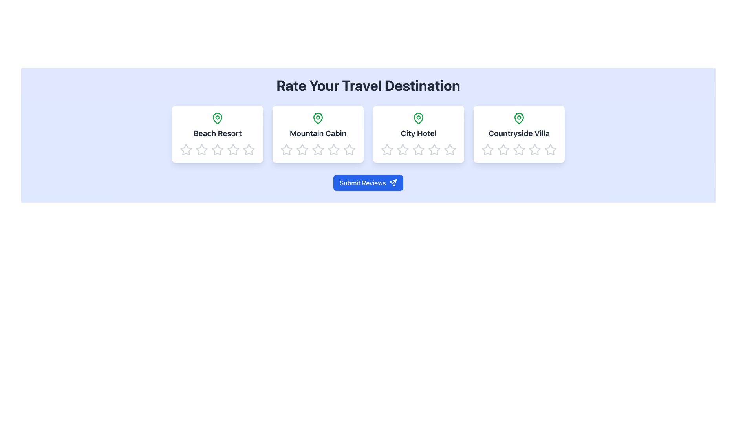 The image size is (754, 424). I want to click on the first star icon in the rating system under the 'Beach Resort' label, so click(201, 150).